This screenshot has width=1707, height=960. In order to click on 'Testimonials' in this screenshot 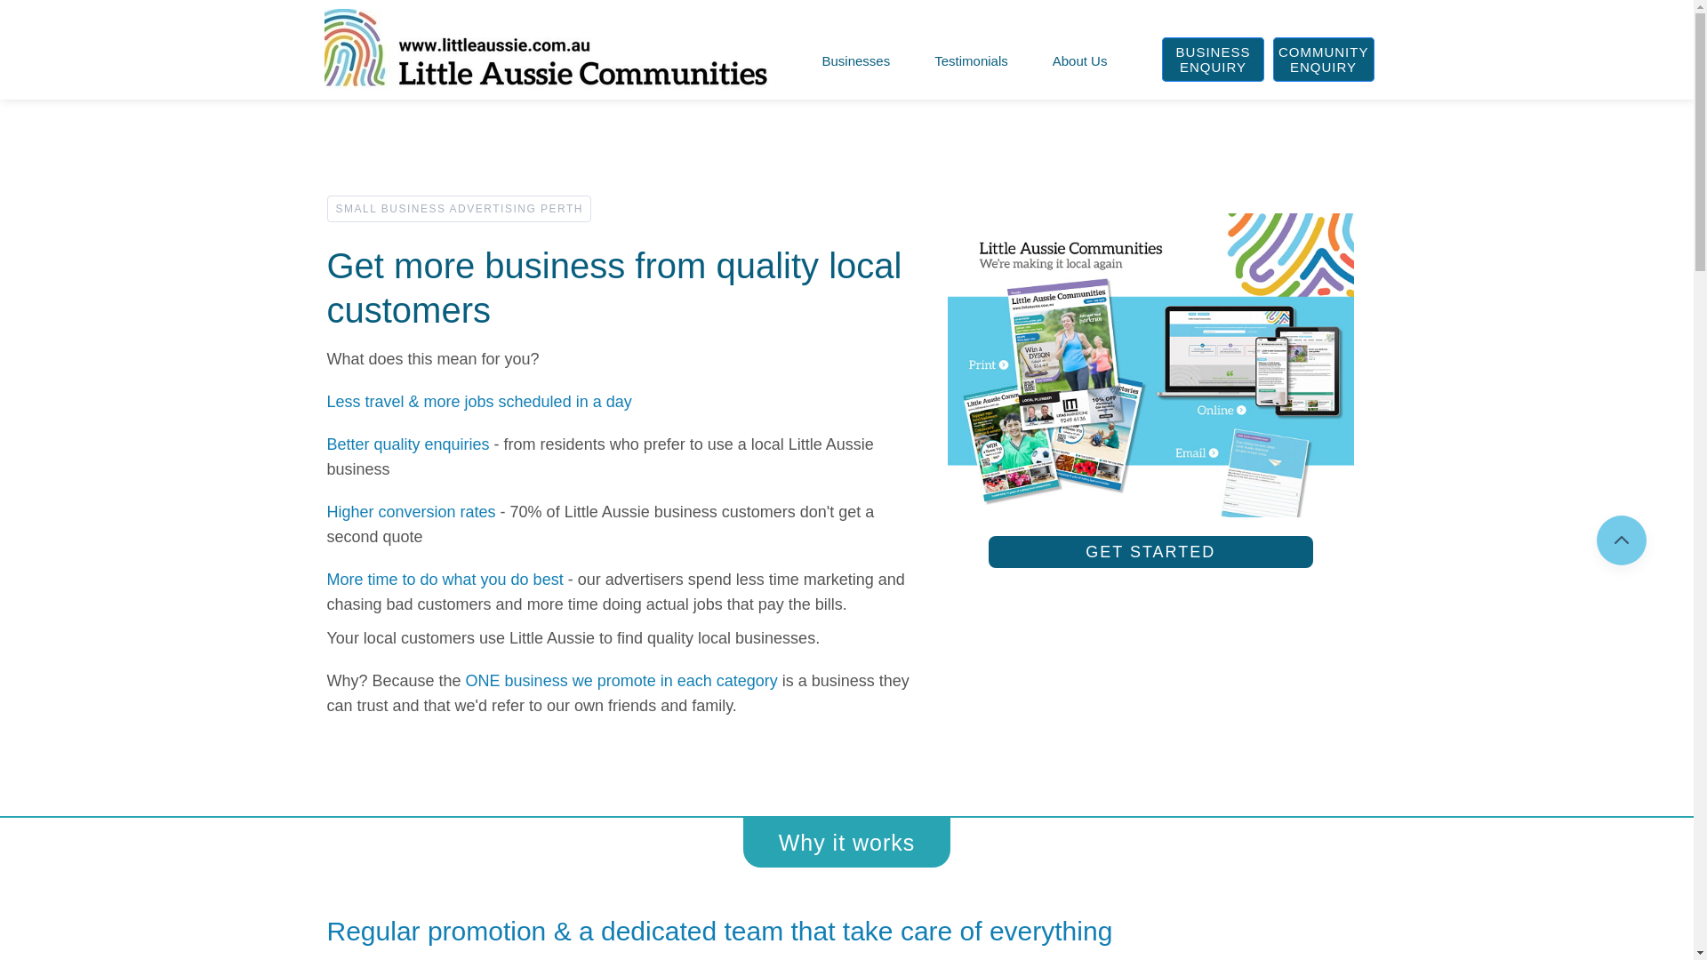, I will do `click(970, 60)`.